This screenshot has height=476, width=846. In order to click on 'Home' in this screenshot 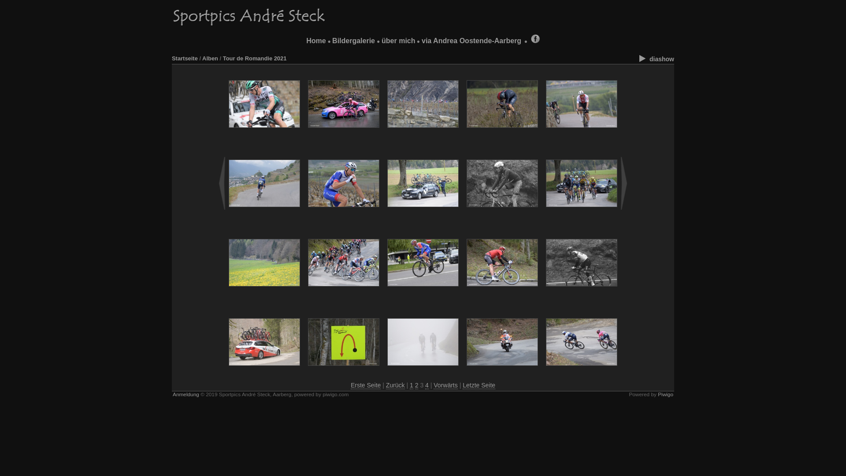, I will do `click(306, 41)`.